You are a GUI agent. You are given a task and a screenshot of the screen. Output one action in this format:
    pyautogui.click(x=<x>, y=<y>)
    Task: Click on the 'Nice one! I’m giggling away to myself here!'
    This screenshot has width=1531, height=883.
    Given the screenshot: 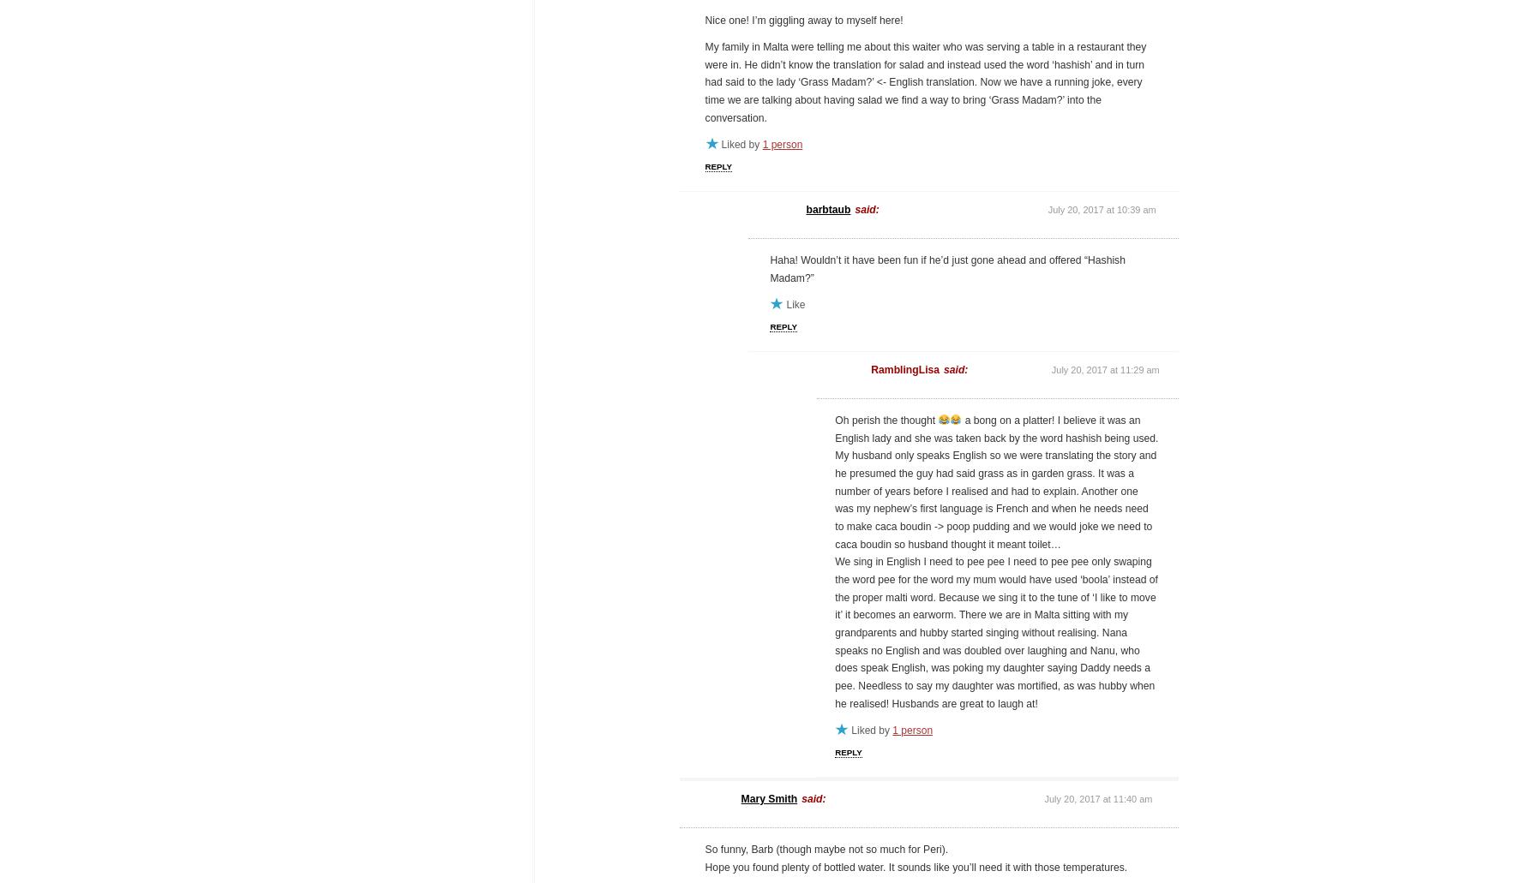 What is the action you would take?
    pyautogui.click(x=803, y=21)
    